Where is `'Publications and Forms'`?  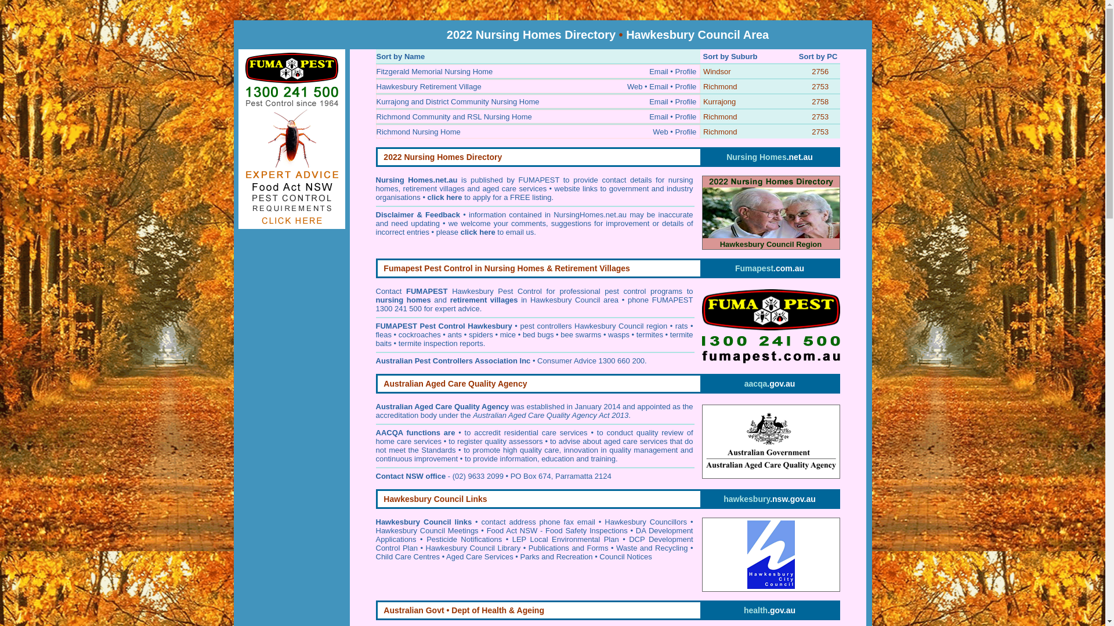 'Publications and Forms' is located at coordinates (568, 548).